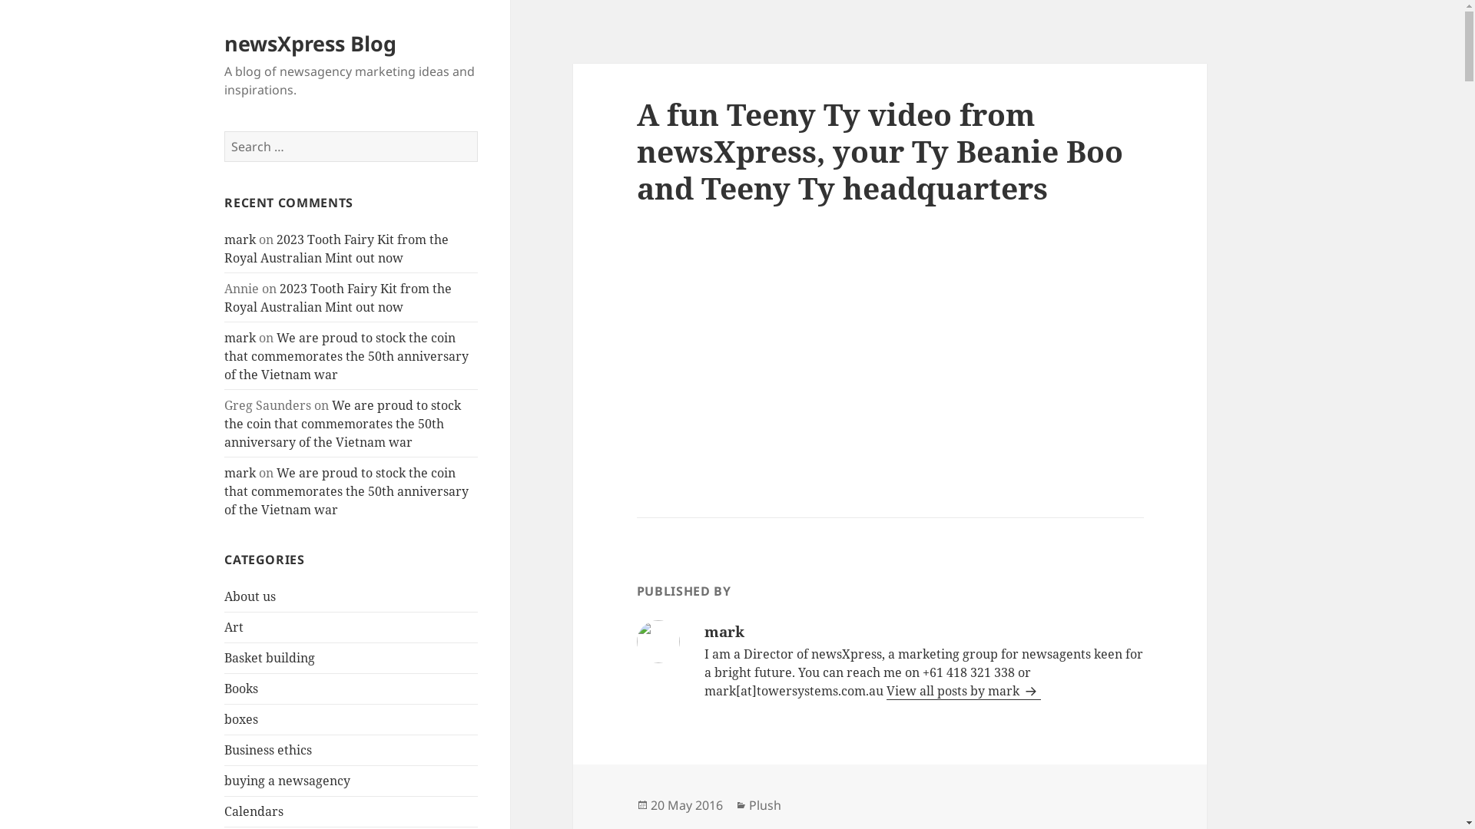  Describe the element at coordinates (335, 248) in the screenshot. I see `'2023 Tooth Fairy Kit from the Royal Australian Mint out now'` at that location.